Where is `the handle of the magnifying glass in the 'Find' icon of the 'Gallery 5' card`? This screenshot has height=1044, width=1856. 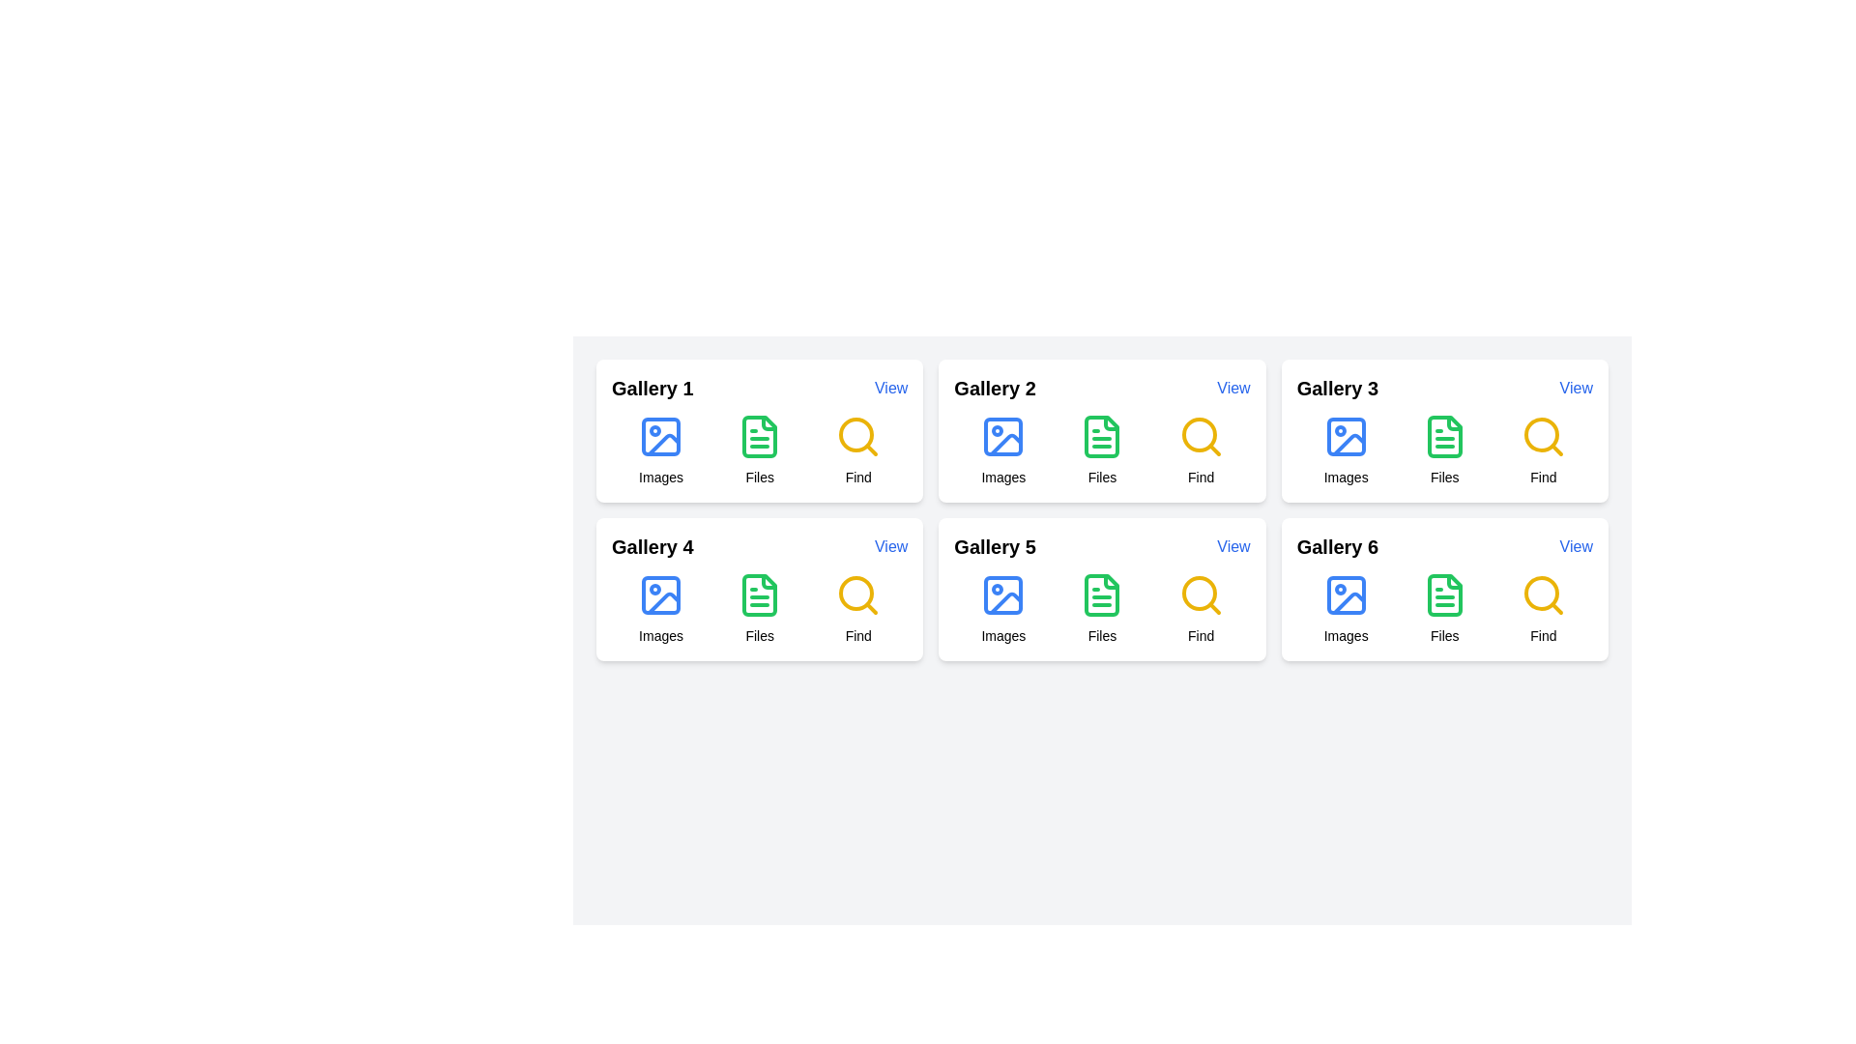 the handle of the magnifying glass in the 'Find' icon of the 'Gallery 5' card is located at coordinates (1213, 607).